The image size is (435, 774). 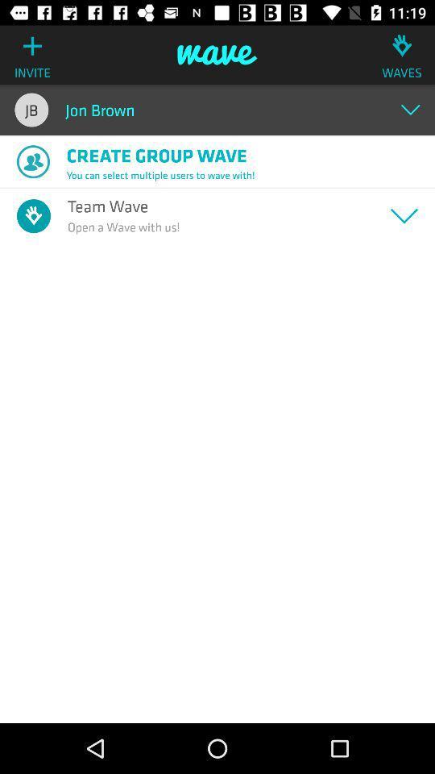 What do you see at coordinates (217, 55) in the screenshot?
I see `the item above the jon brown item` at bounding box center [217, 55].